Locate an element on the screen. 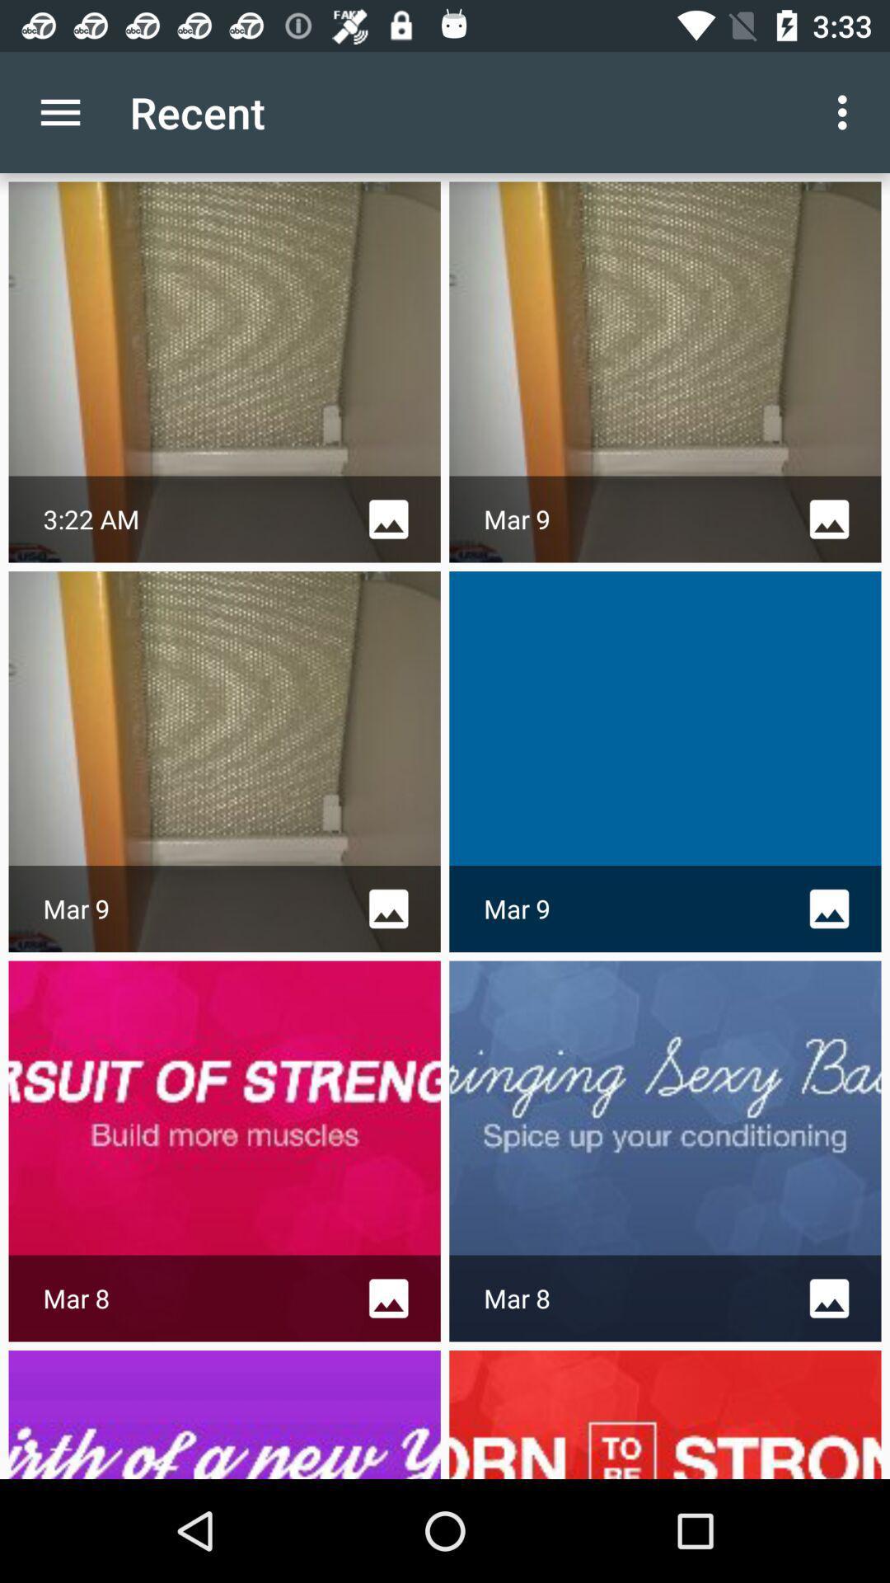  the icon next to recent app is located at coordinates (846, 111).